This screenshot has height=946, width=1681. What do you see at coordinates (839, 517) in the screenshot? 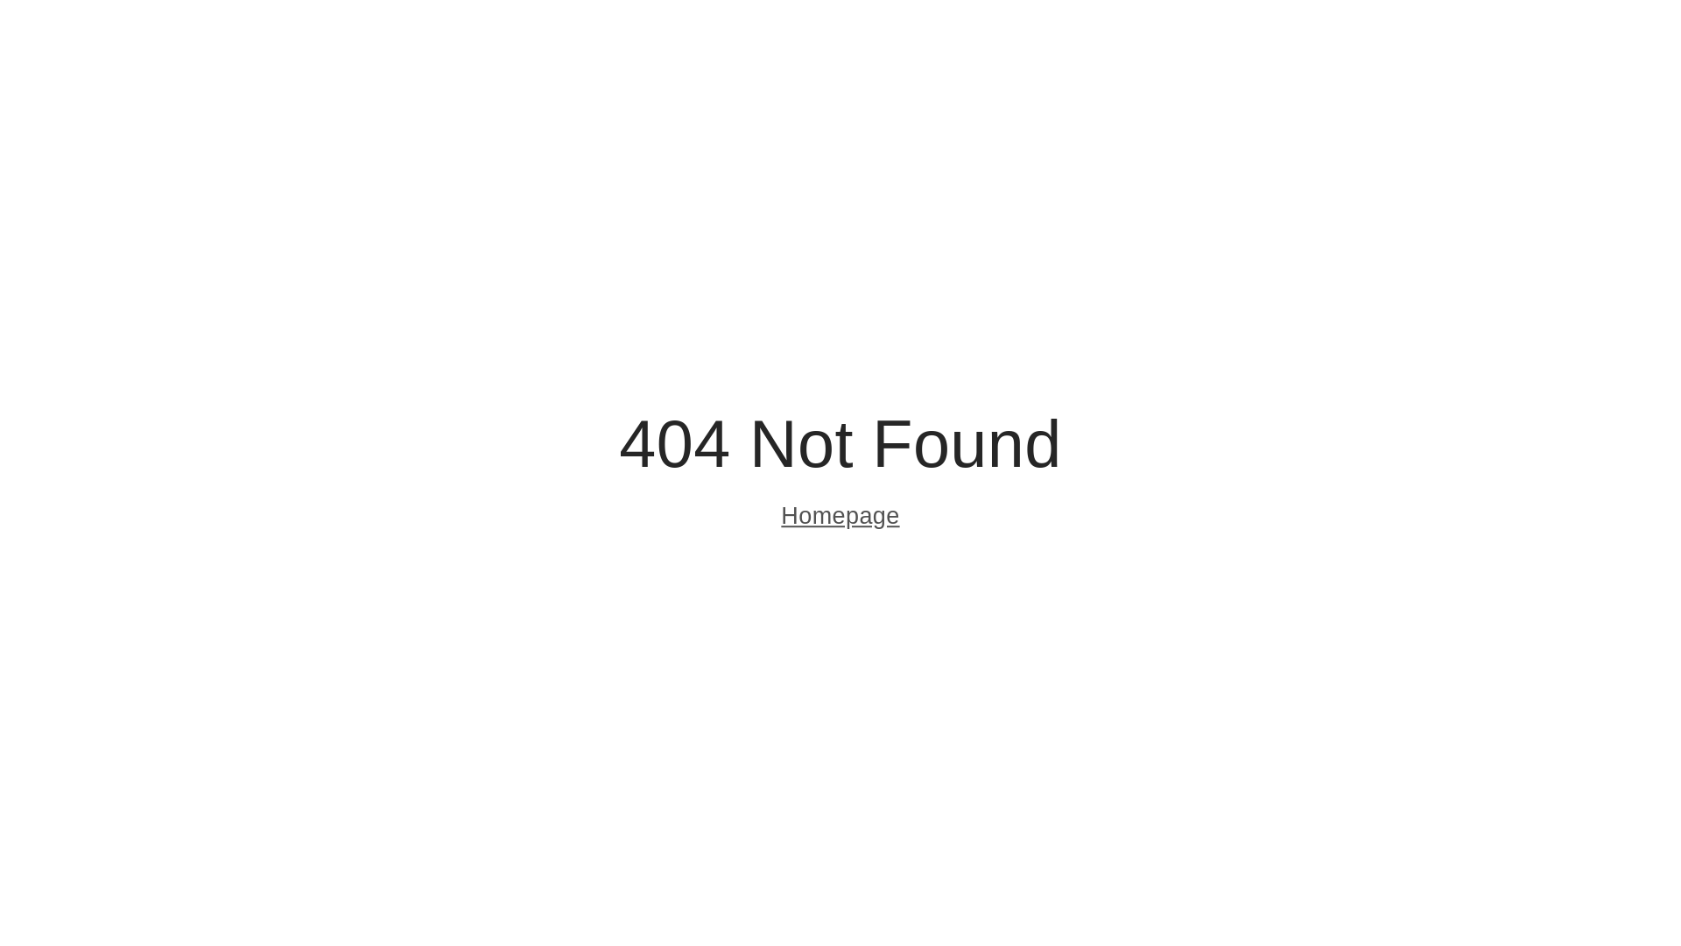
I see `'Homepage'` at bounding box center [839, 517].